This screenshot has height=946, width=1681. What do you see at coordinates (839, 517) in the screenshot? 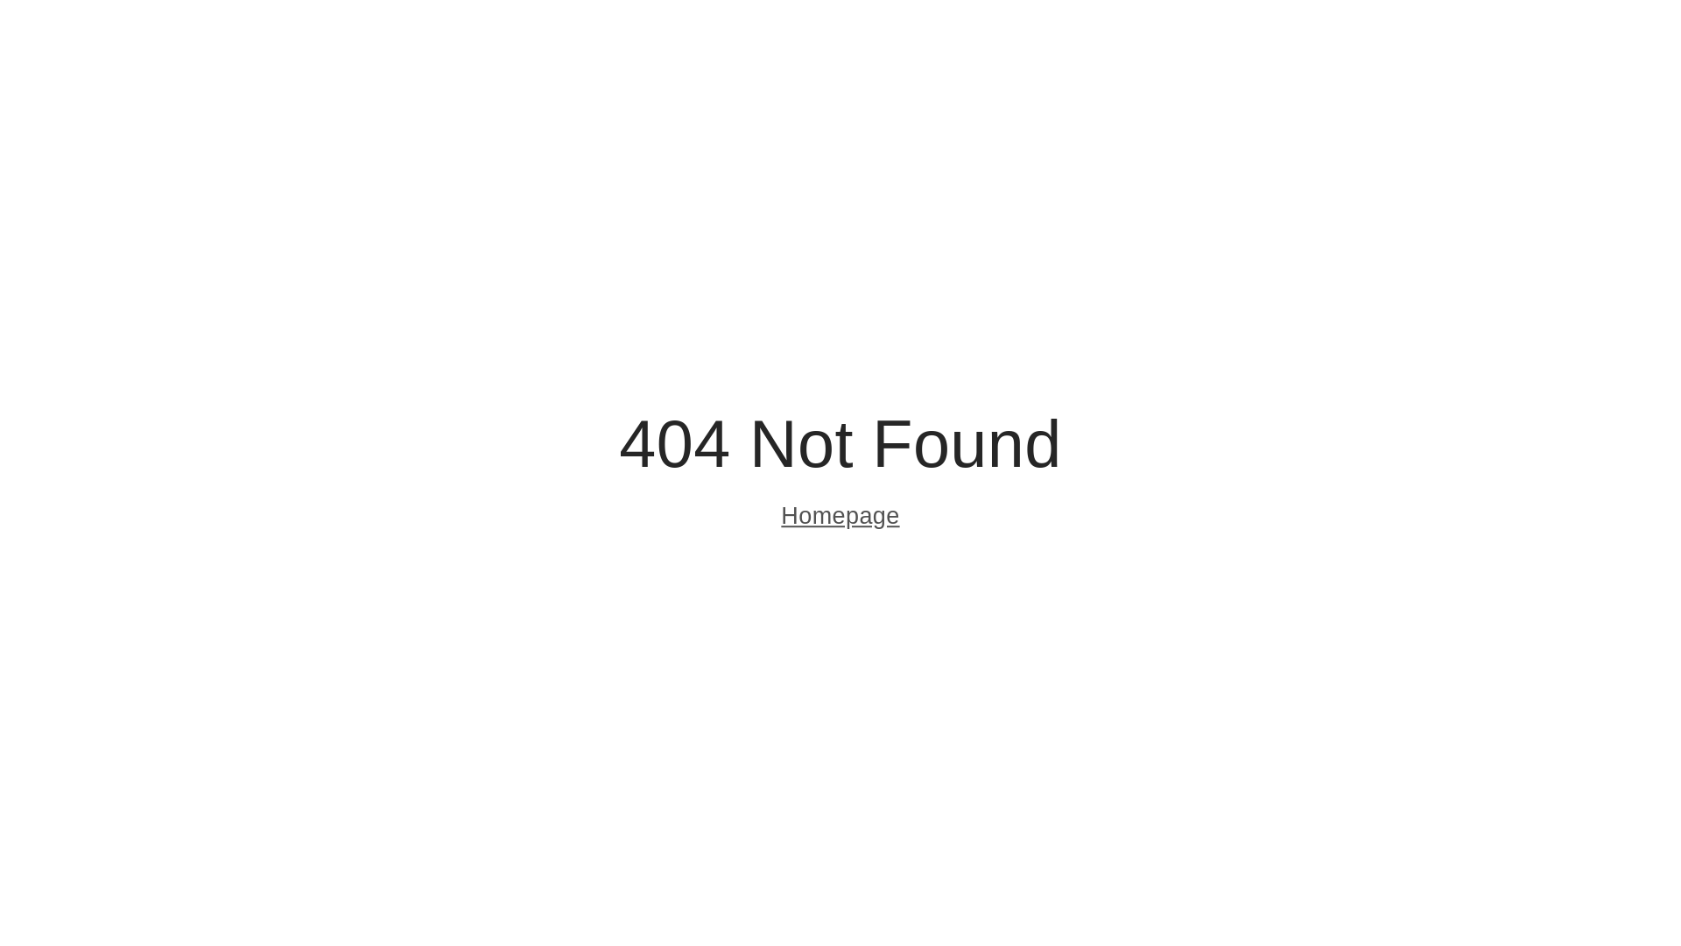
I see `'Homepage'` at bounding box center [839, 517].